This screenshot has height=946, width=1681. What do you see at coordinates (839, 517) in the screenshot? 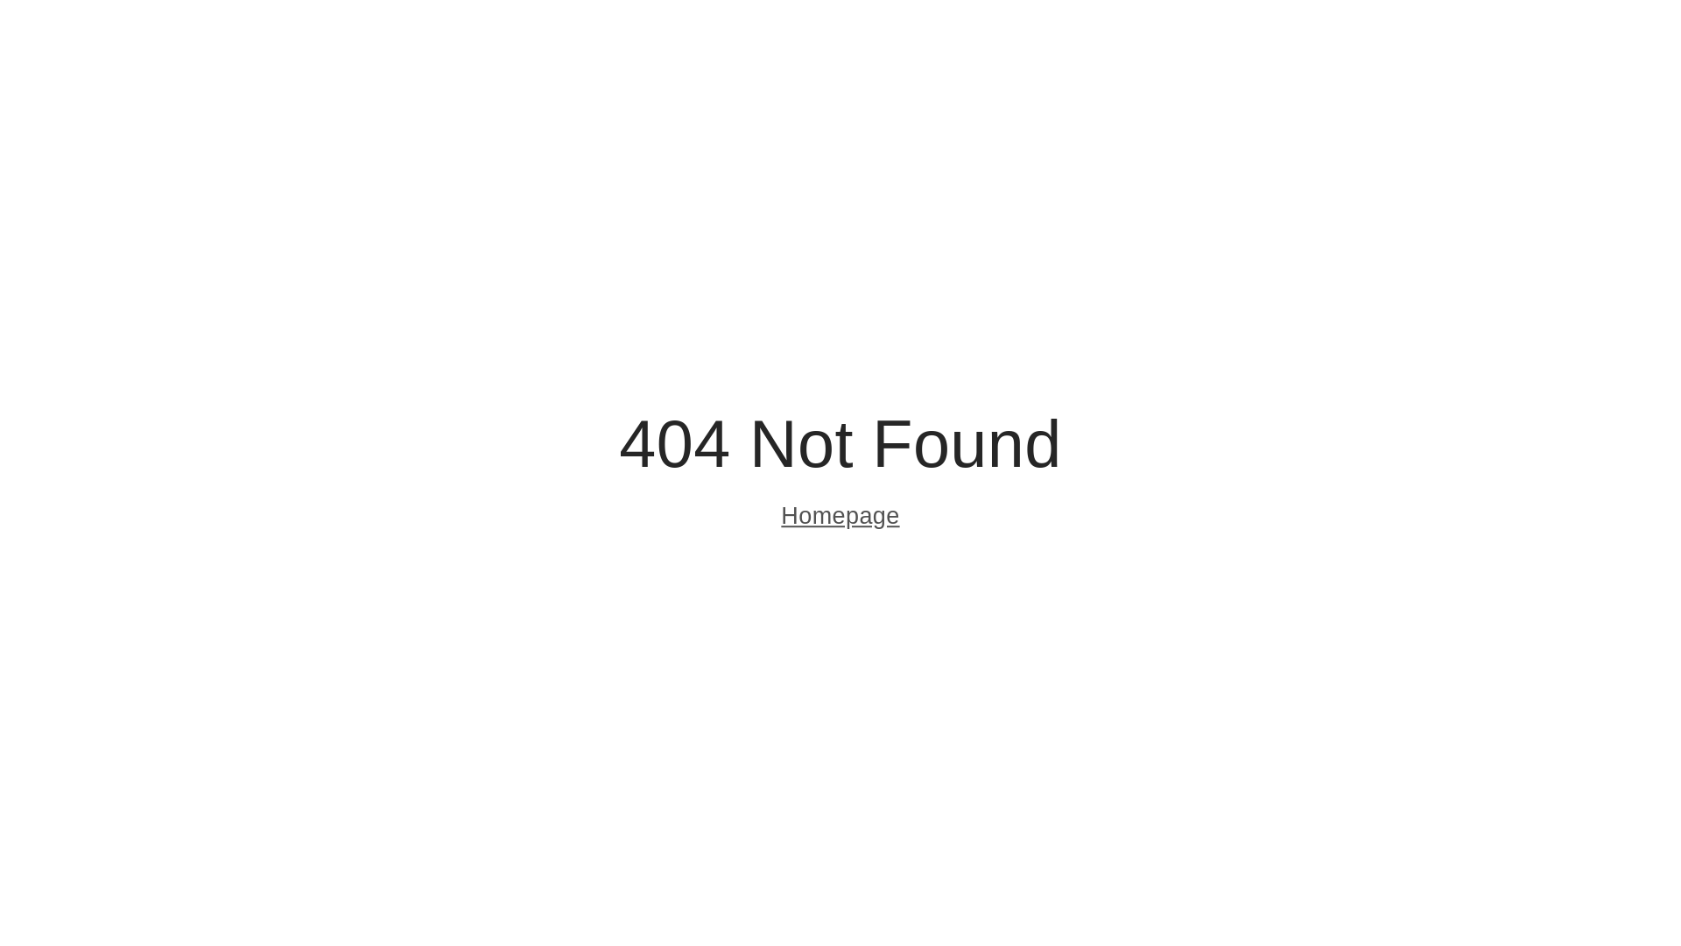
I see `'Homepage'` at bounding box center [839, 517].